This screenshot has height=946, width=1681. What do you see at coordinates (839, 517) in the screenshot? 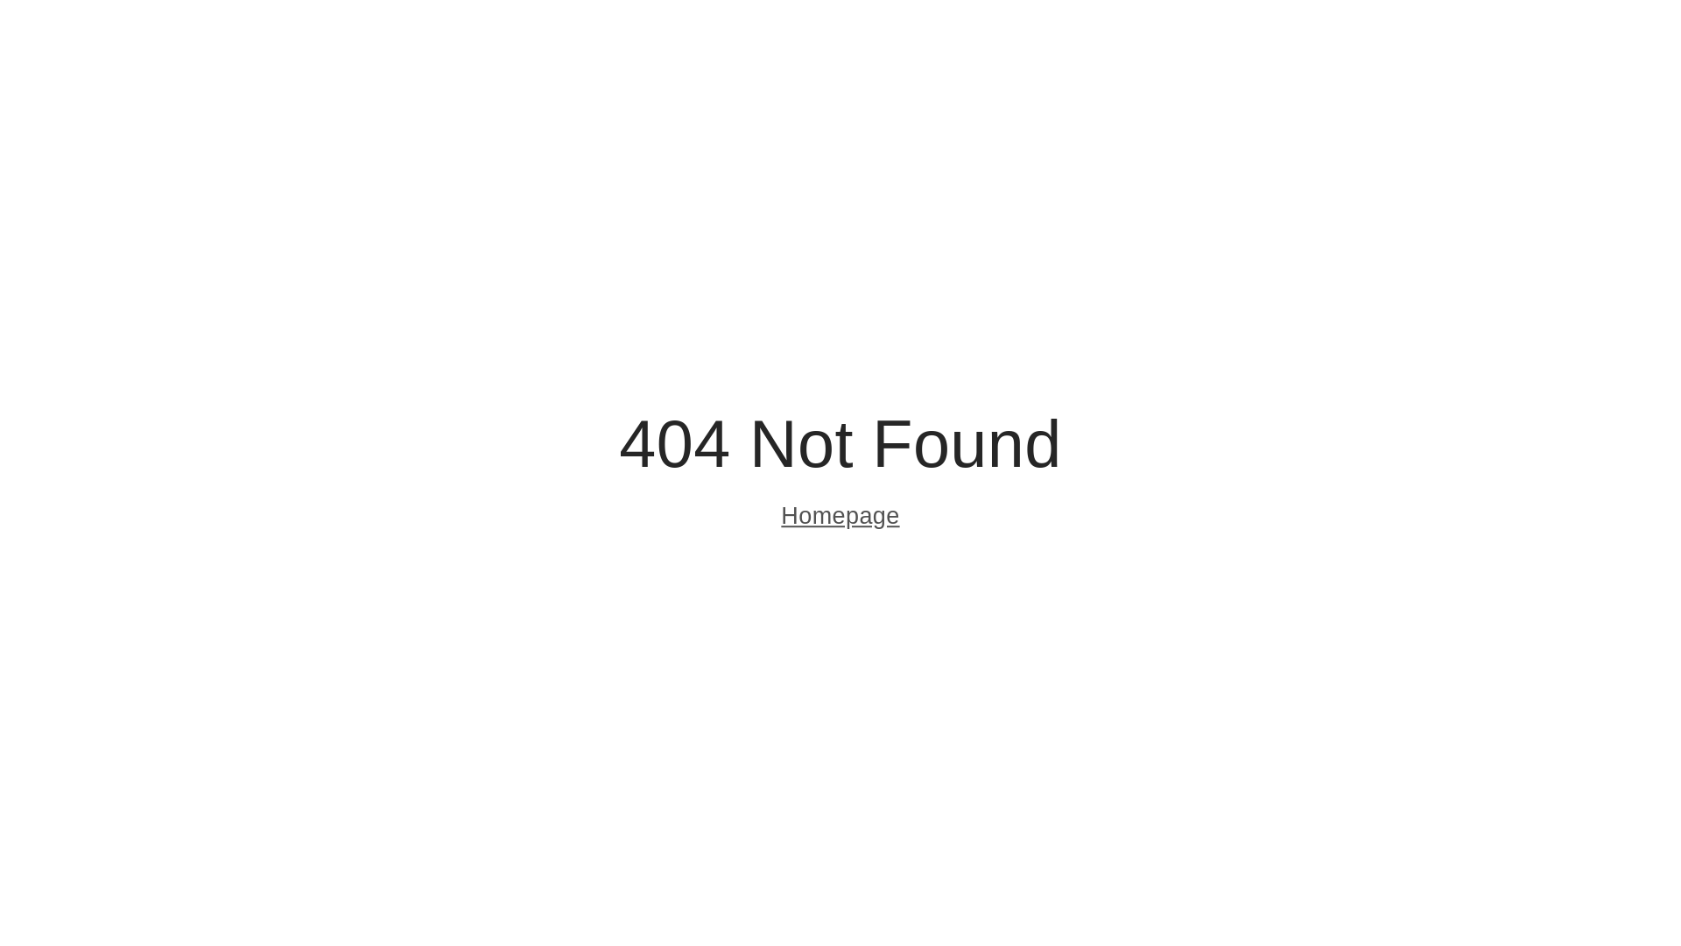
I see `'Homepage'` at bounding box center [839, 517].